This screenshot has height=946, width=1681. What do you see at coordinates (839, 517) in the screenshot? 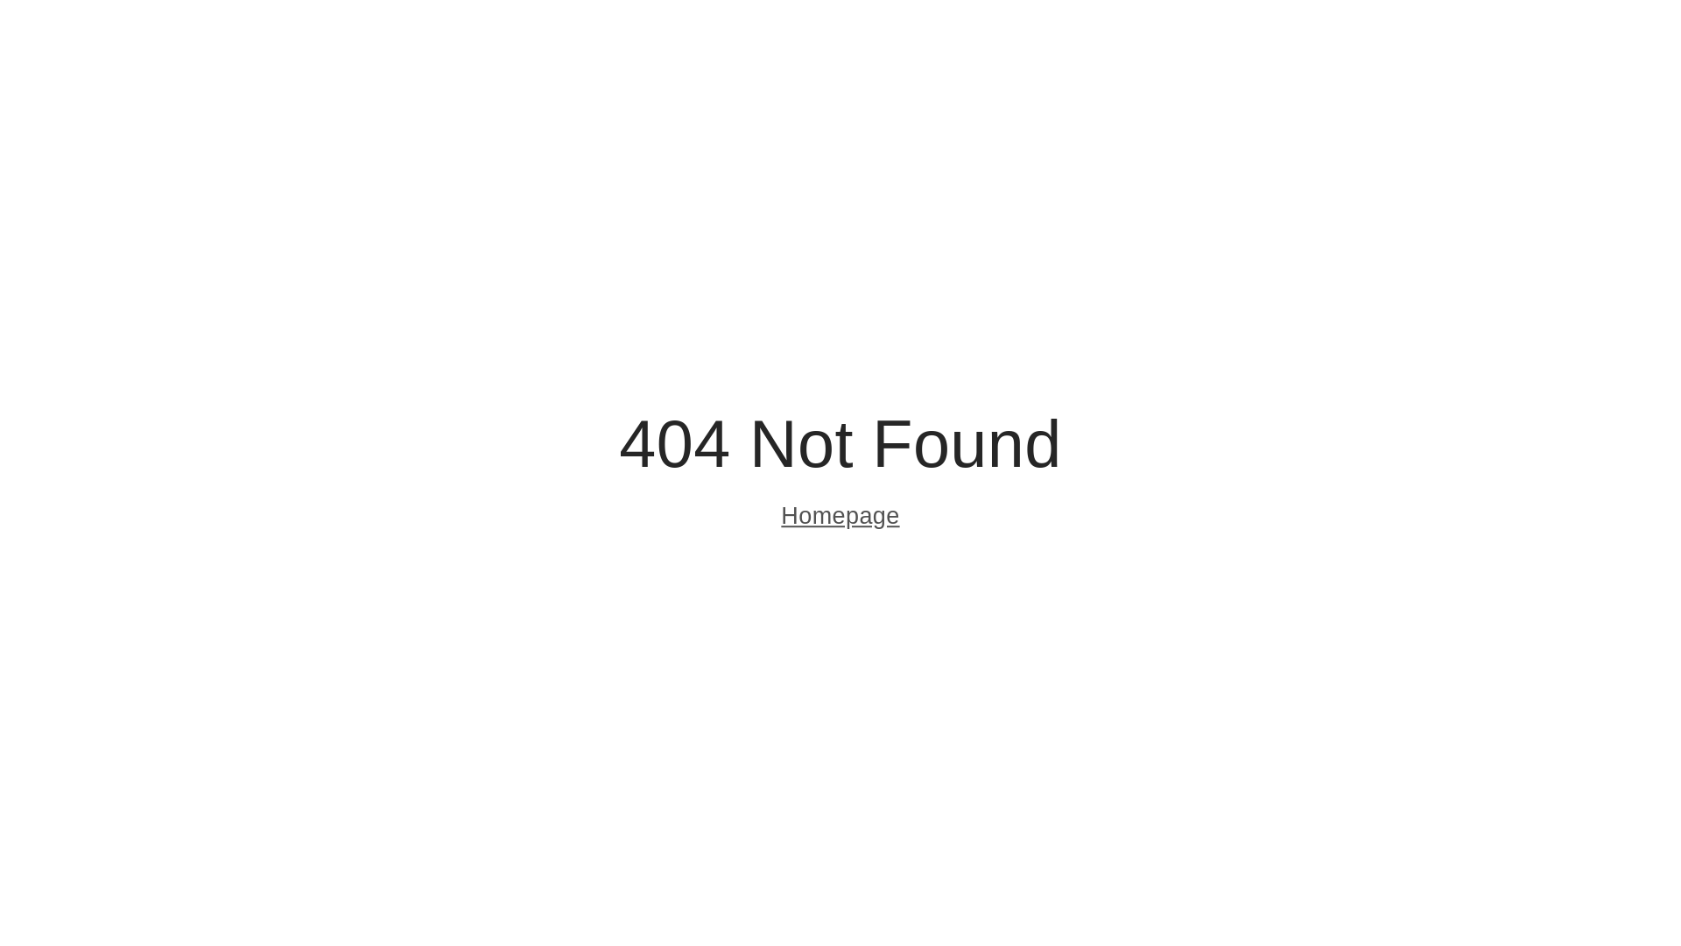
I see `'Homepage'` at bounding box center [839, 517].